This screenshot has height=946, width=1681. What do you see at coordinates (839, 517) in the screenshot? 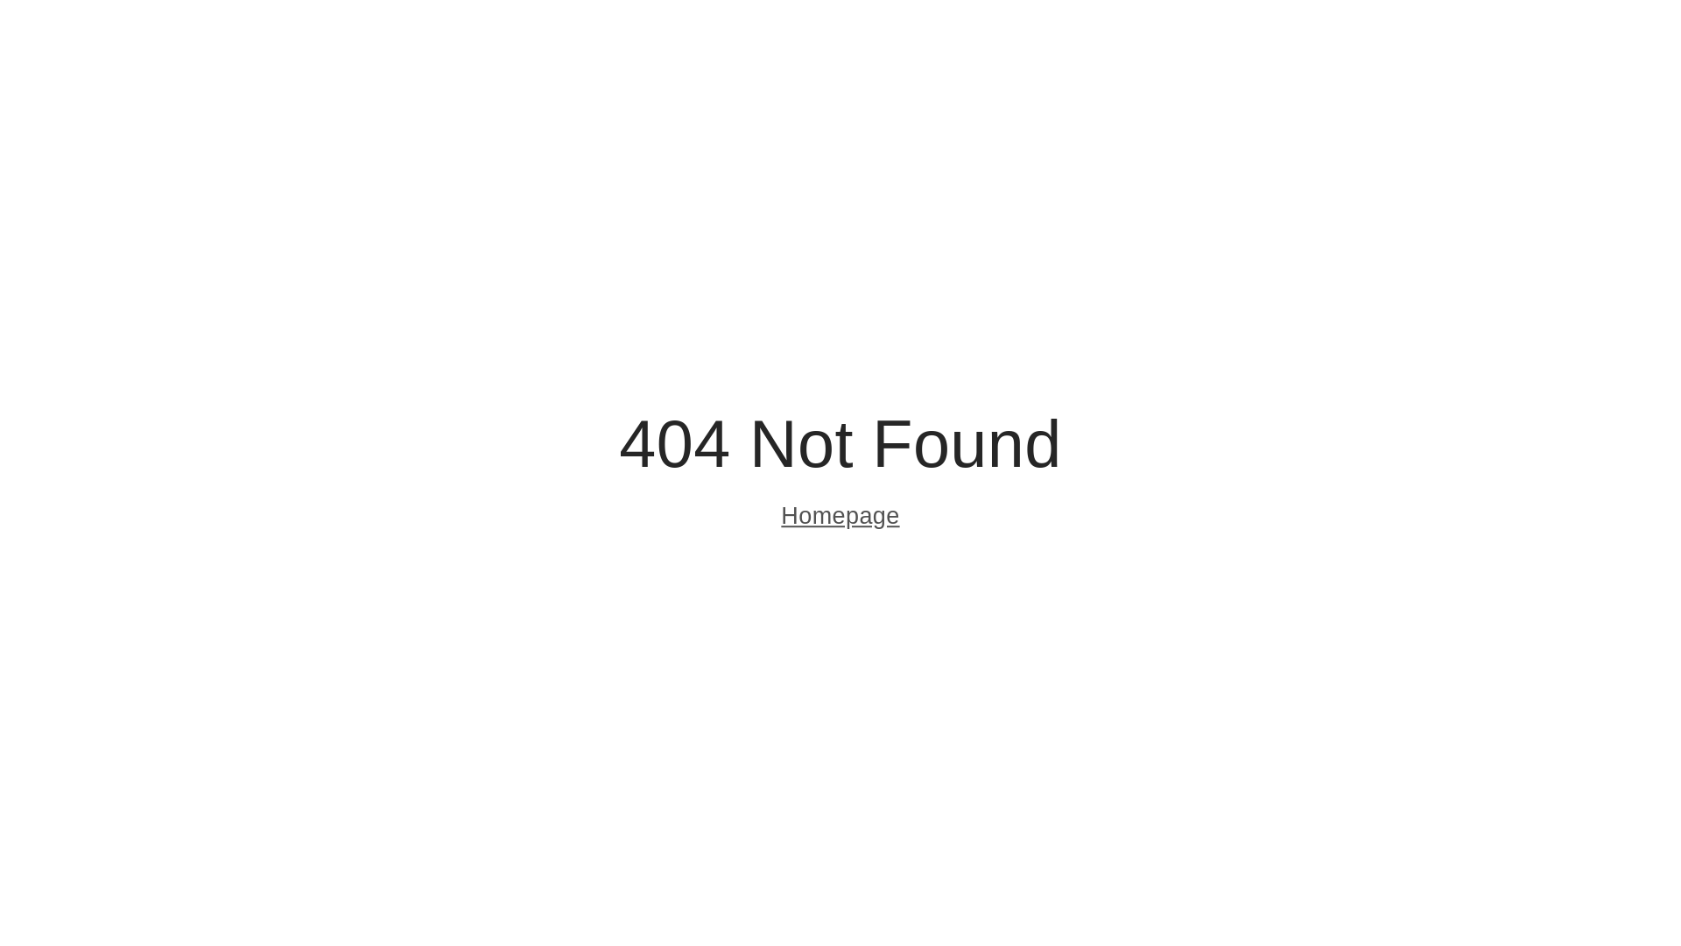
I see `'Homepage'` at bounding box center [839, 517].